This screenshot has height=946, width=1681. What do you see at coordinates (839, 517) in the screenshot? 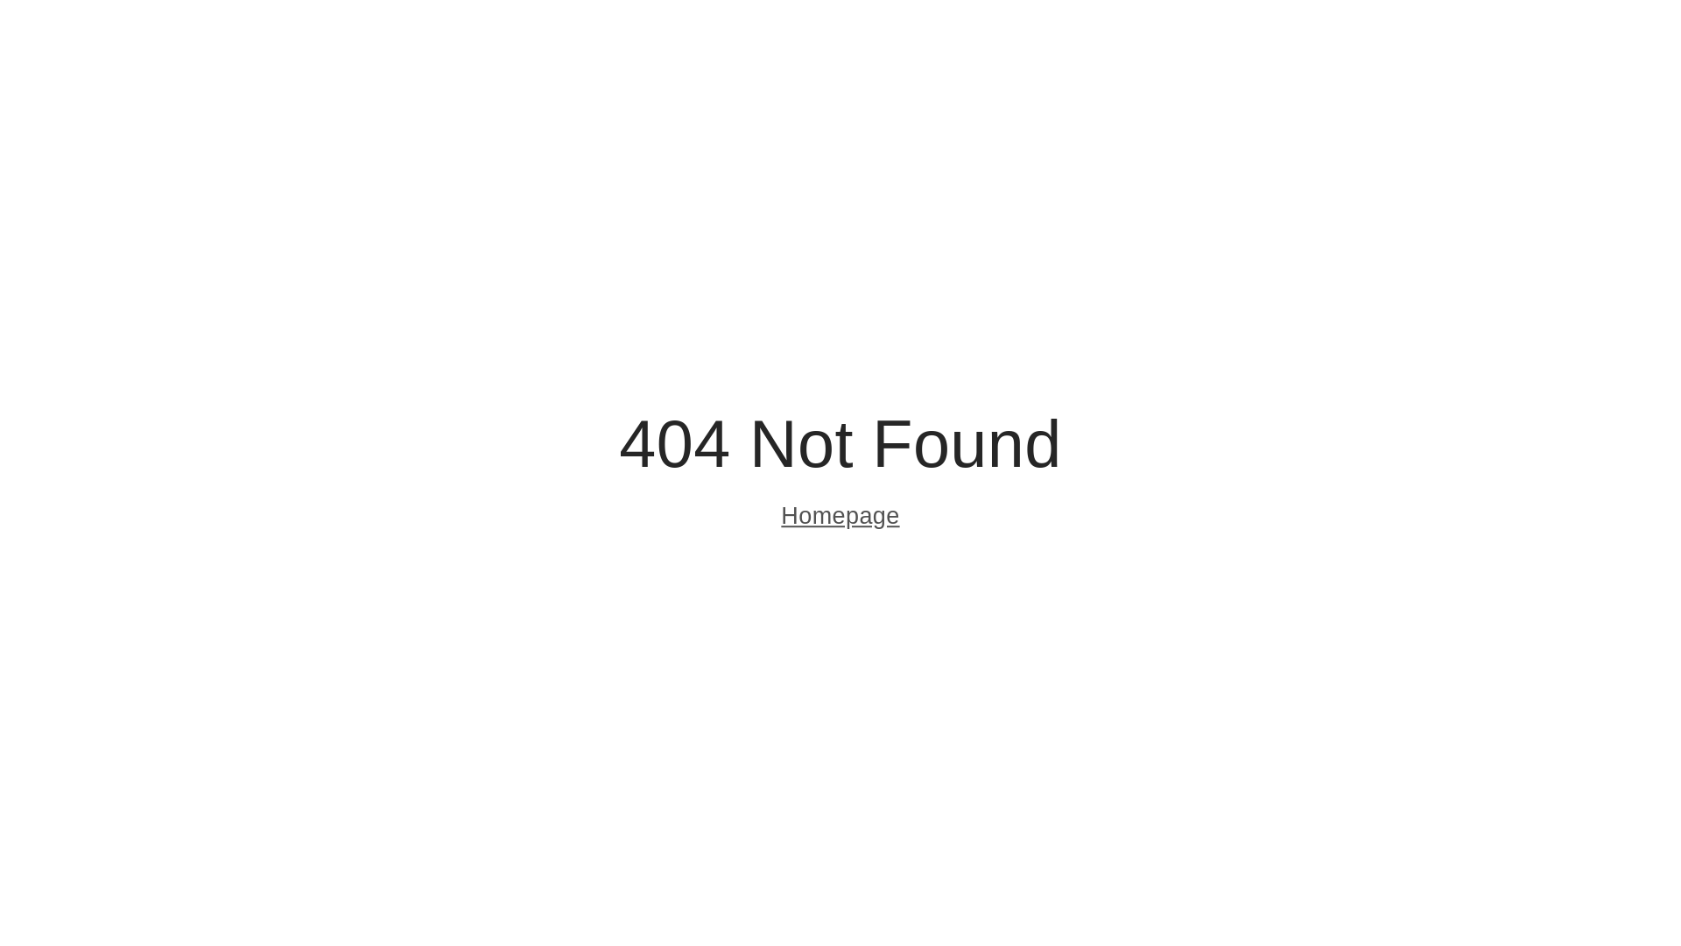
I see `'Homepage'` at bounding box center [839, 517].